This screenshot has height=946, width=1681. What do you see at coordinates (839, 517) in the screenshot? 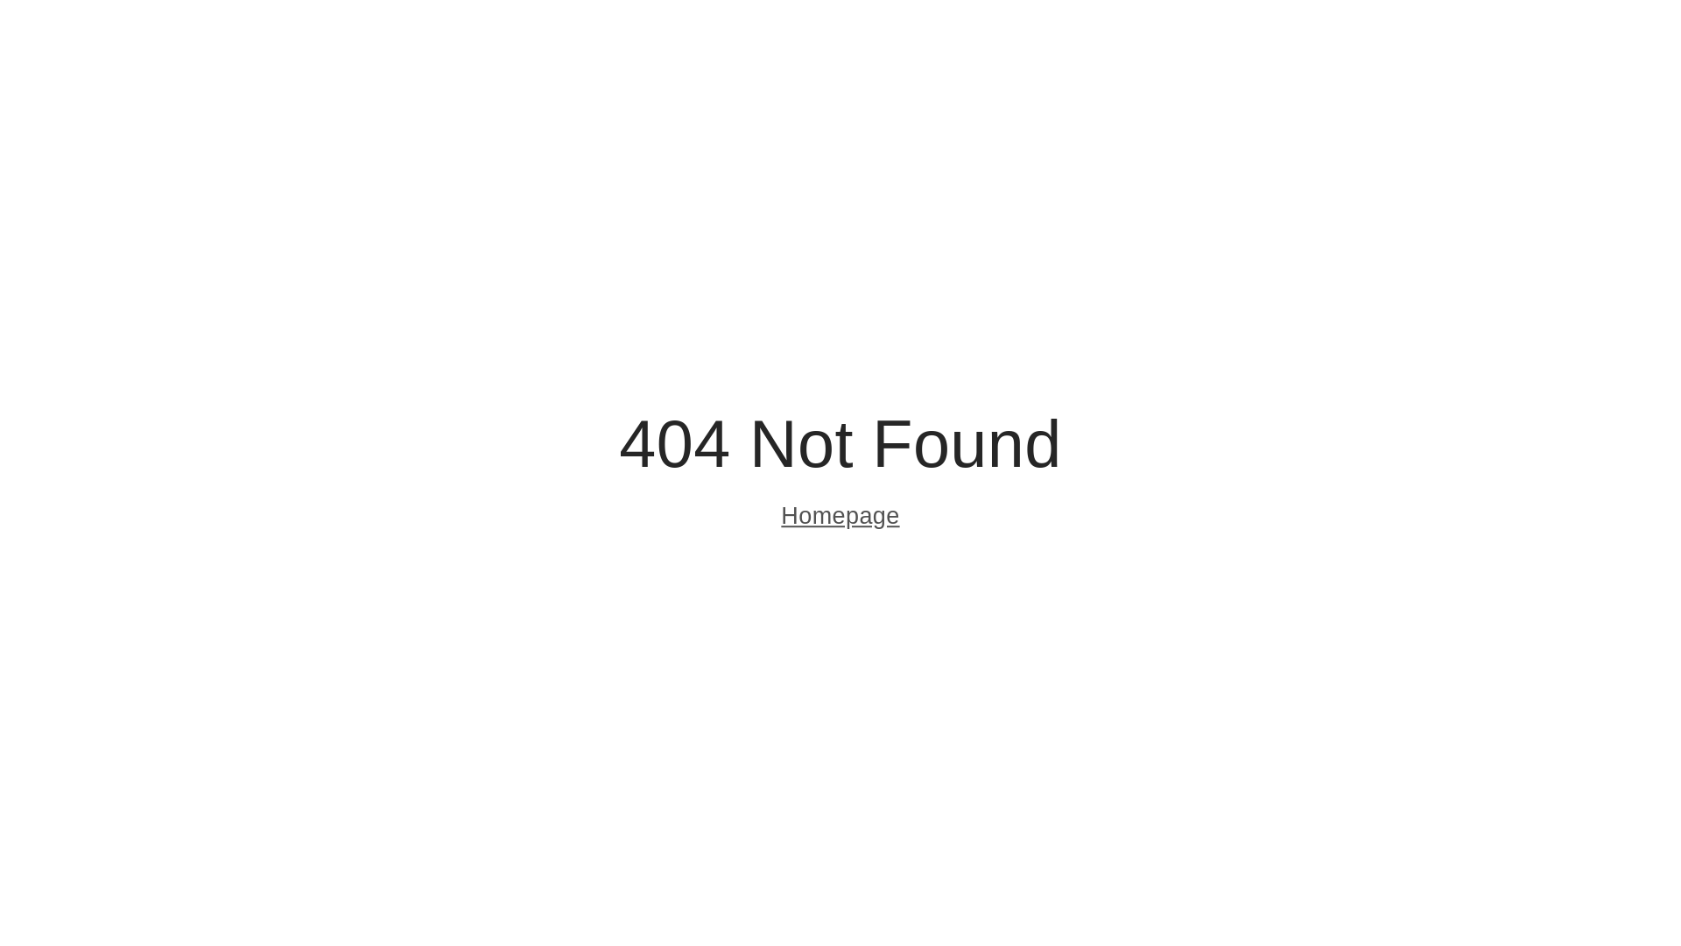
I see `'Homepage'` at bounding box center [839, 517].